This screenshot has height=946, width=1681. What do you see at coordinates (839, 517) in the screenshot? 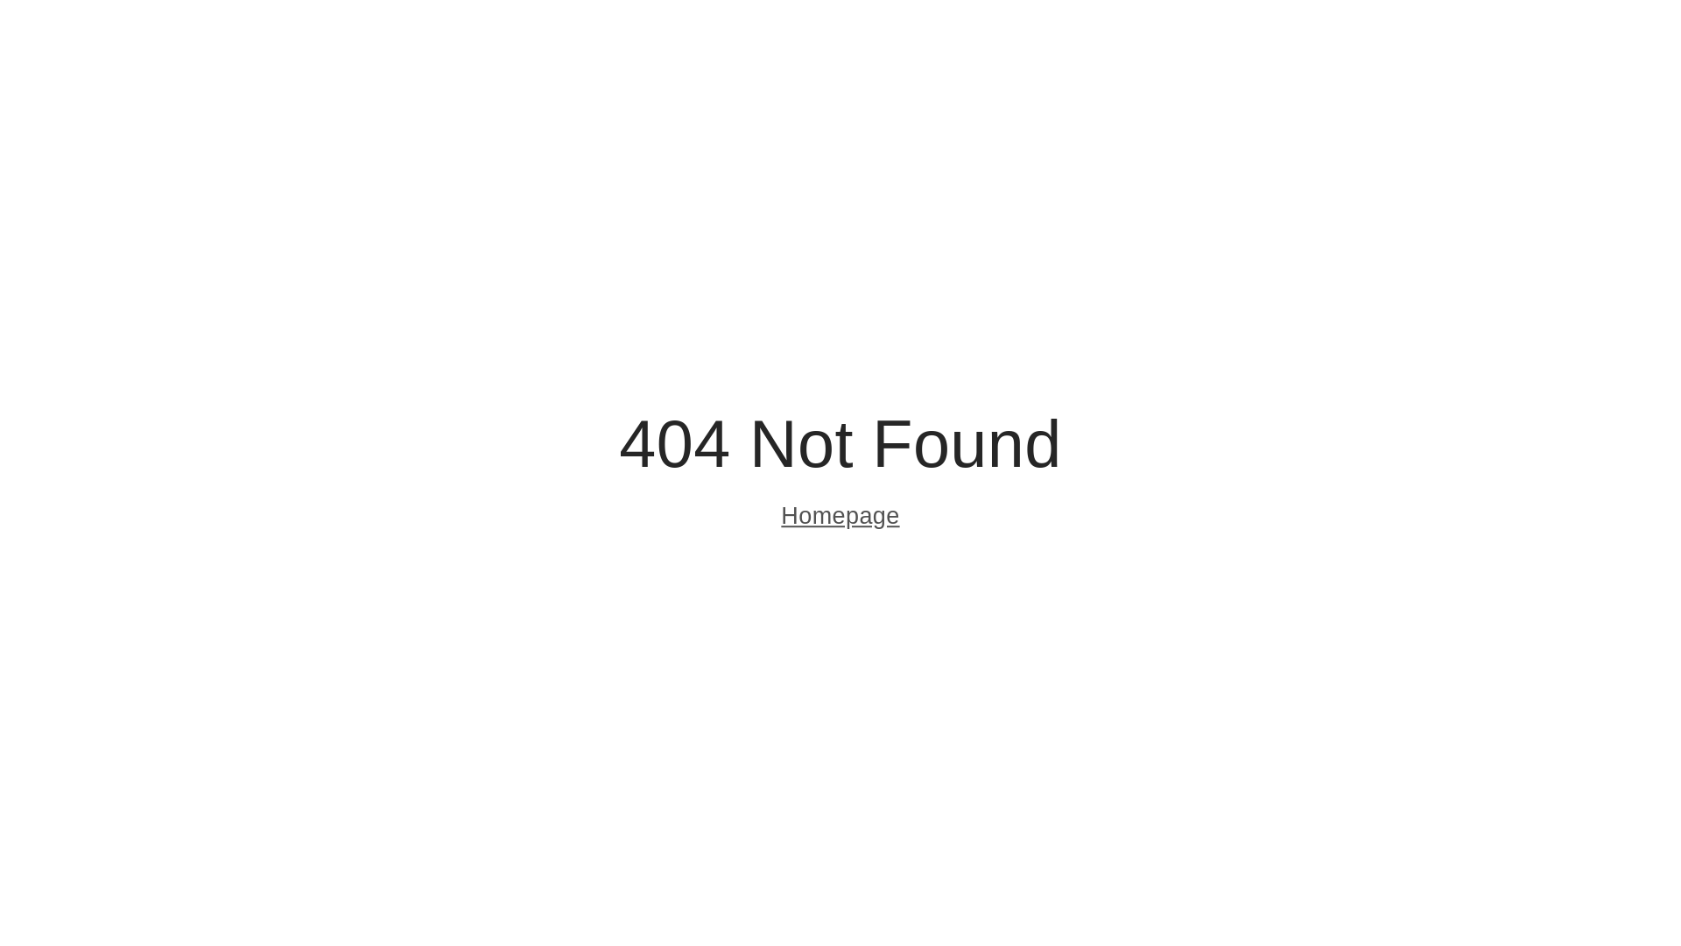
I see `'Homepage'` at bounding box center [839, 517].